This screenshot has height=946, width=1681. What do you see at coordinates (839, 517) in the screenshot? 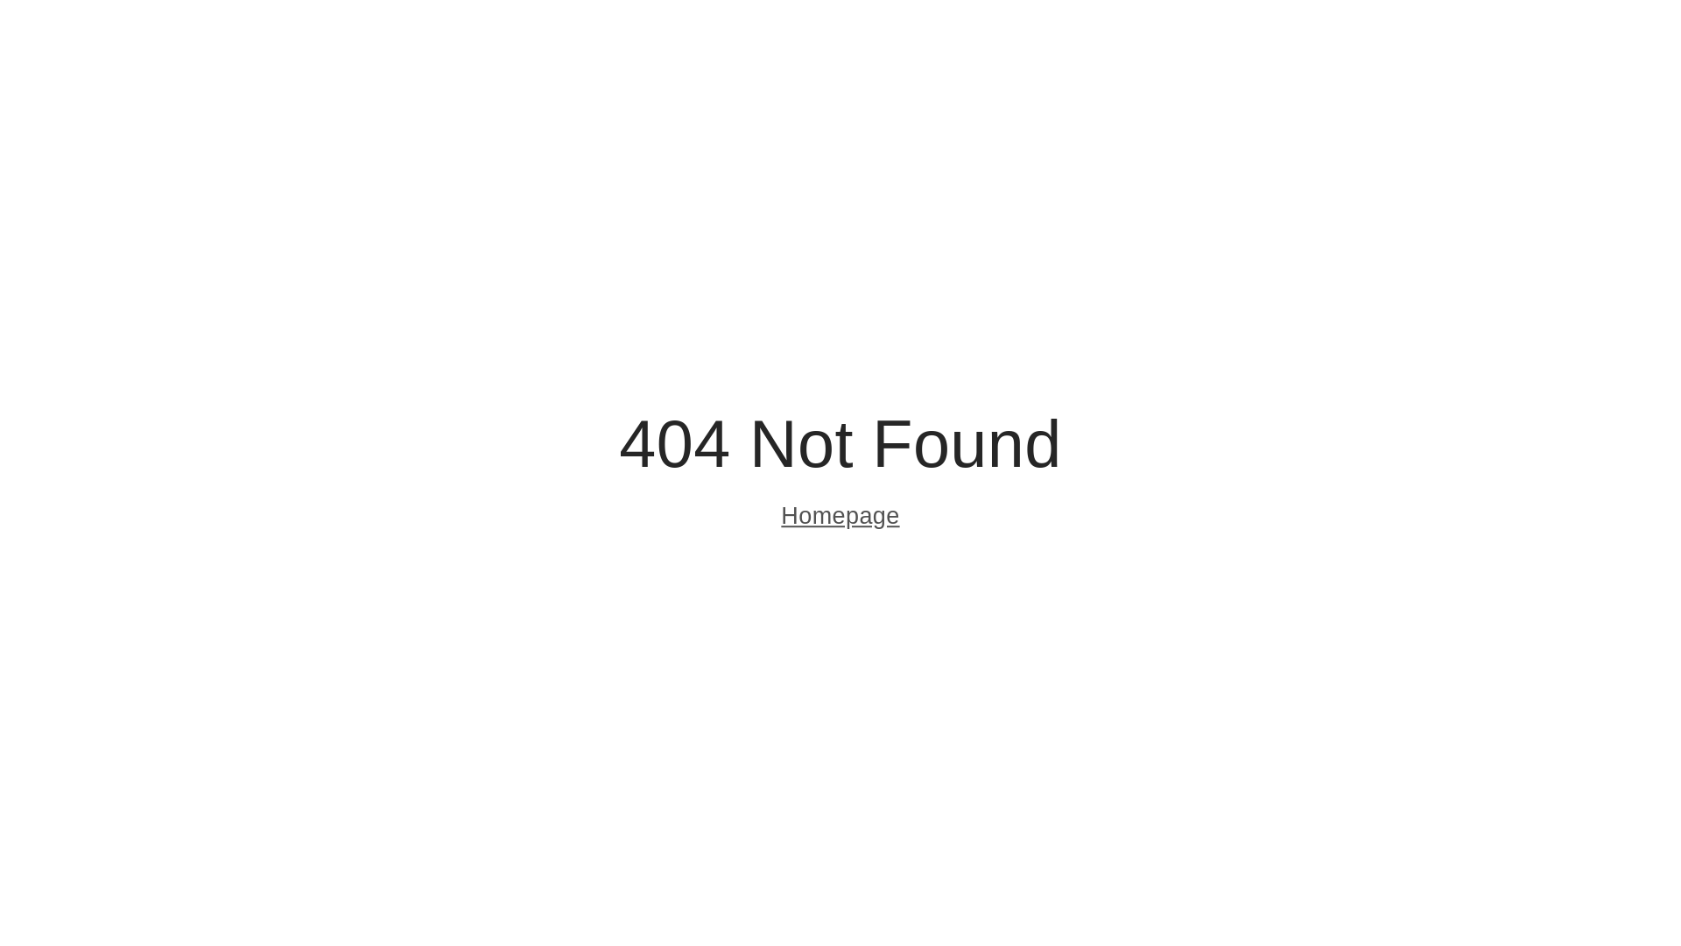
I see `'Homepage'` at bounding box center [839, 517].